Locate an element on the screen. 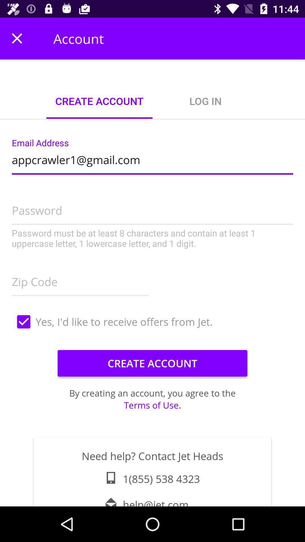 The height and width of the screenshot is (542, 305). yes i d item is located at coordinates (152, 322).